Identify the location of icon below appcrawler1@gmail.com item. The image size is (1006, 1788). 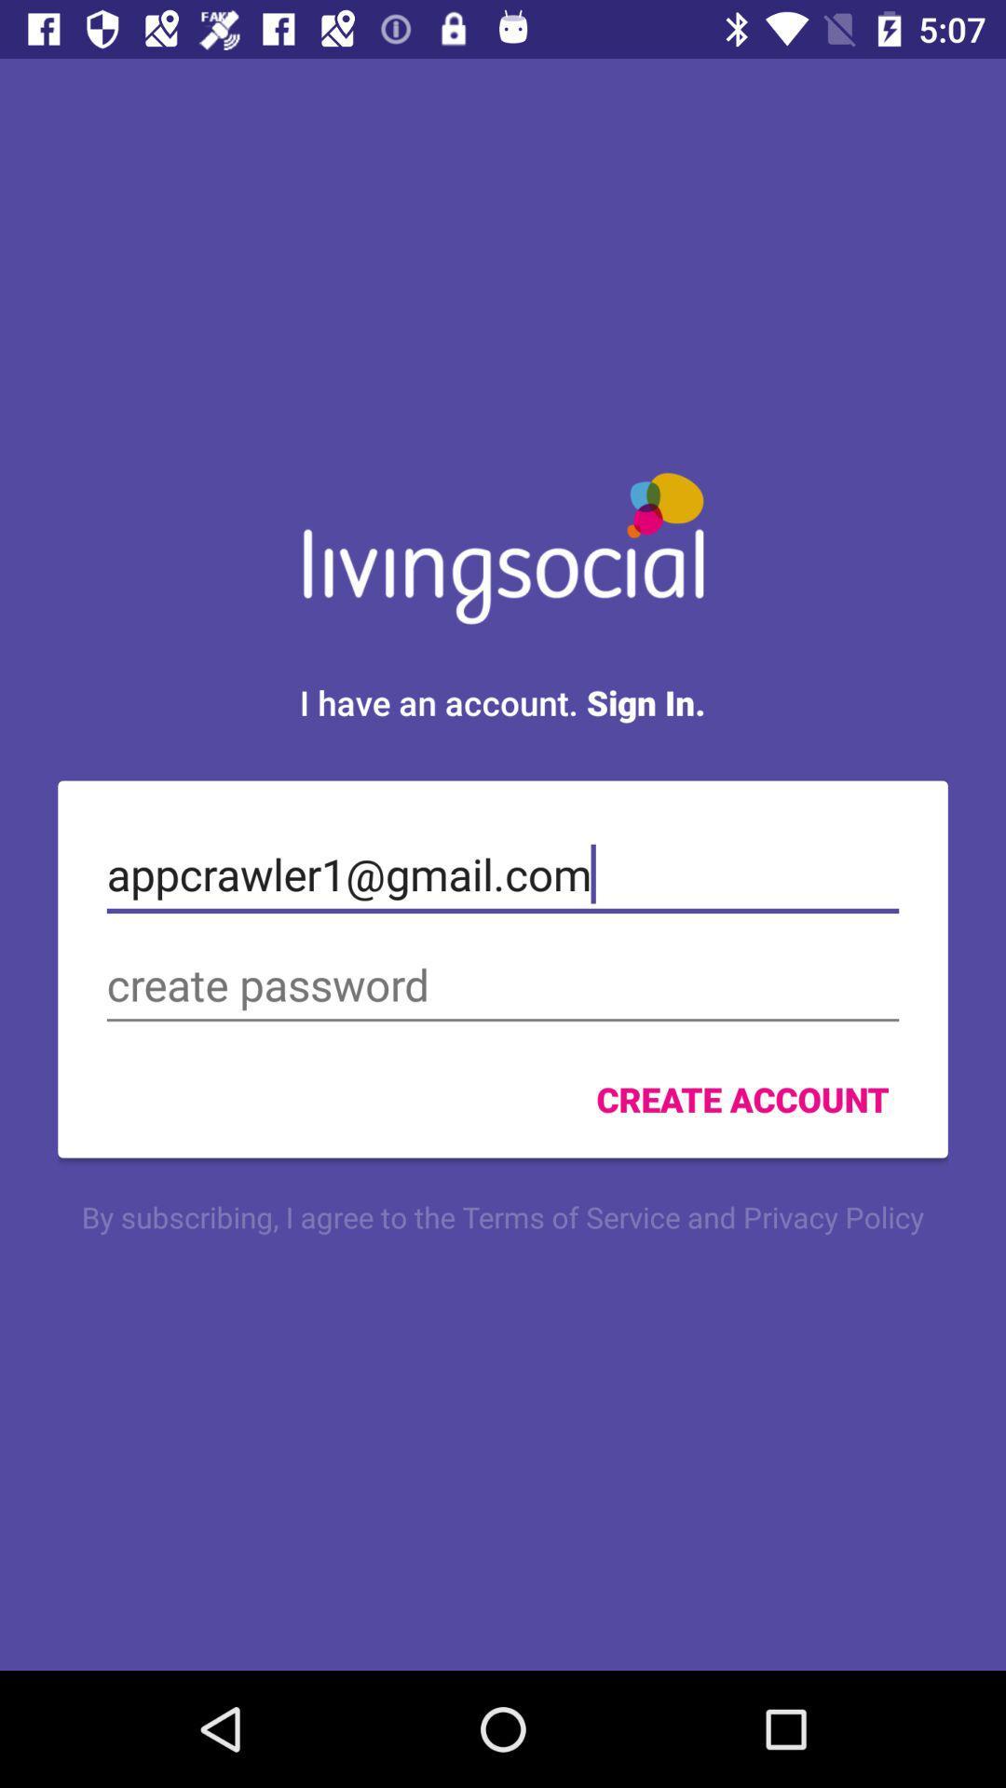
(503, 984).